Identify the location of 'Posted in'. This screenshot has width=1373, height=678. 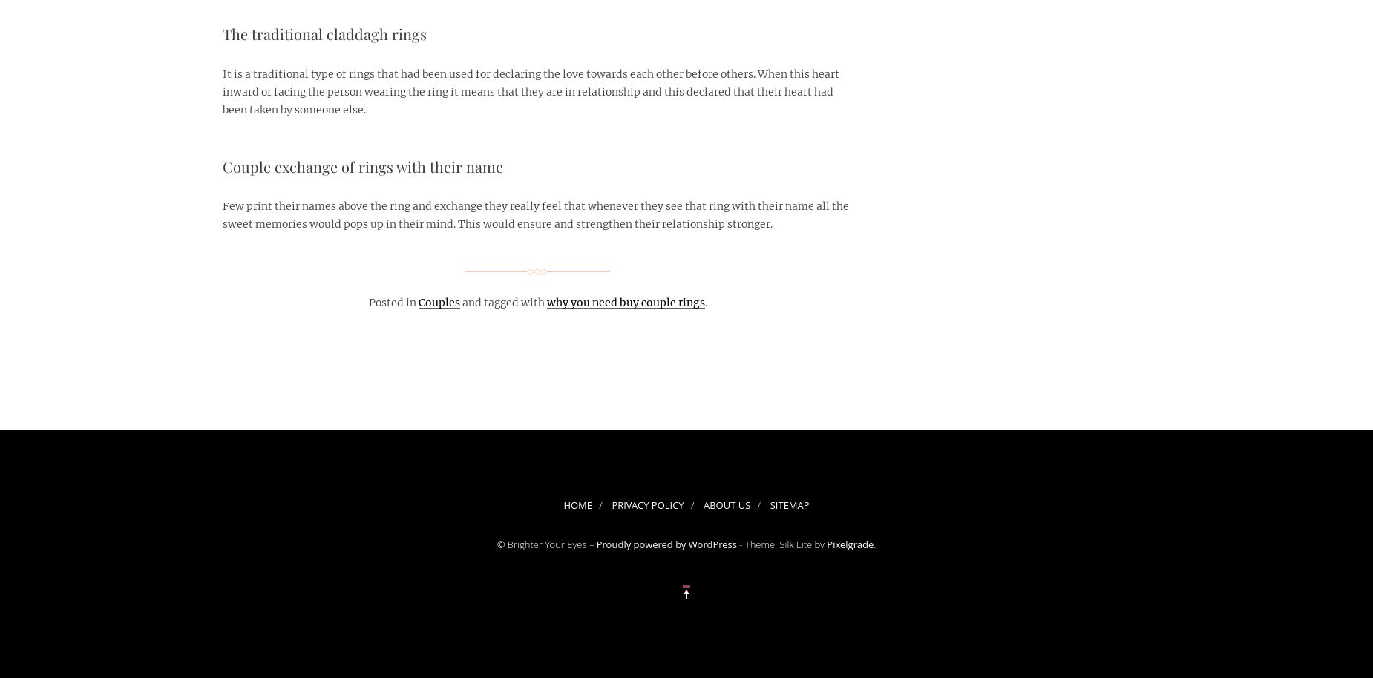
(368, 302).